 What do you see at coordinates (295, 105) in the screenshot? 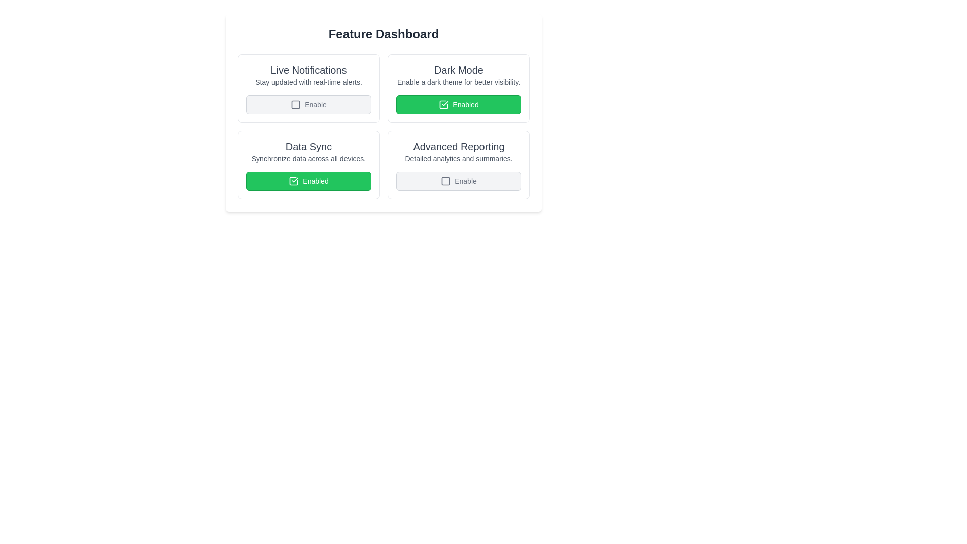
I see `the unchecked checkbox located in the top-left box of the 'Feature Dashboard' labeled 'Live Notifications' to change its state` at bounding box center [295, 105].